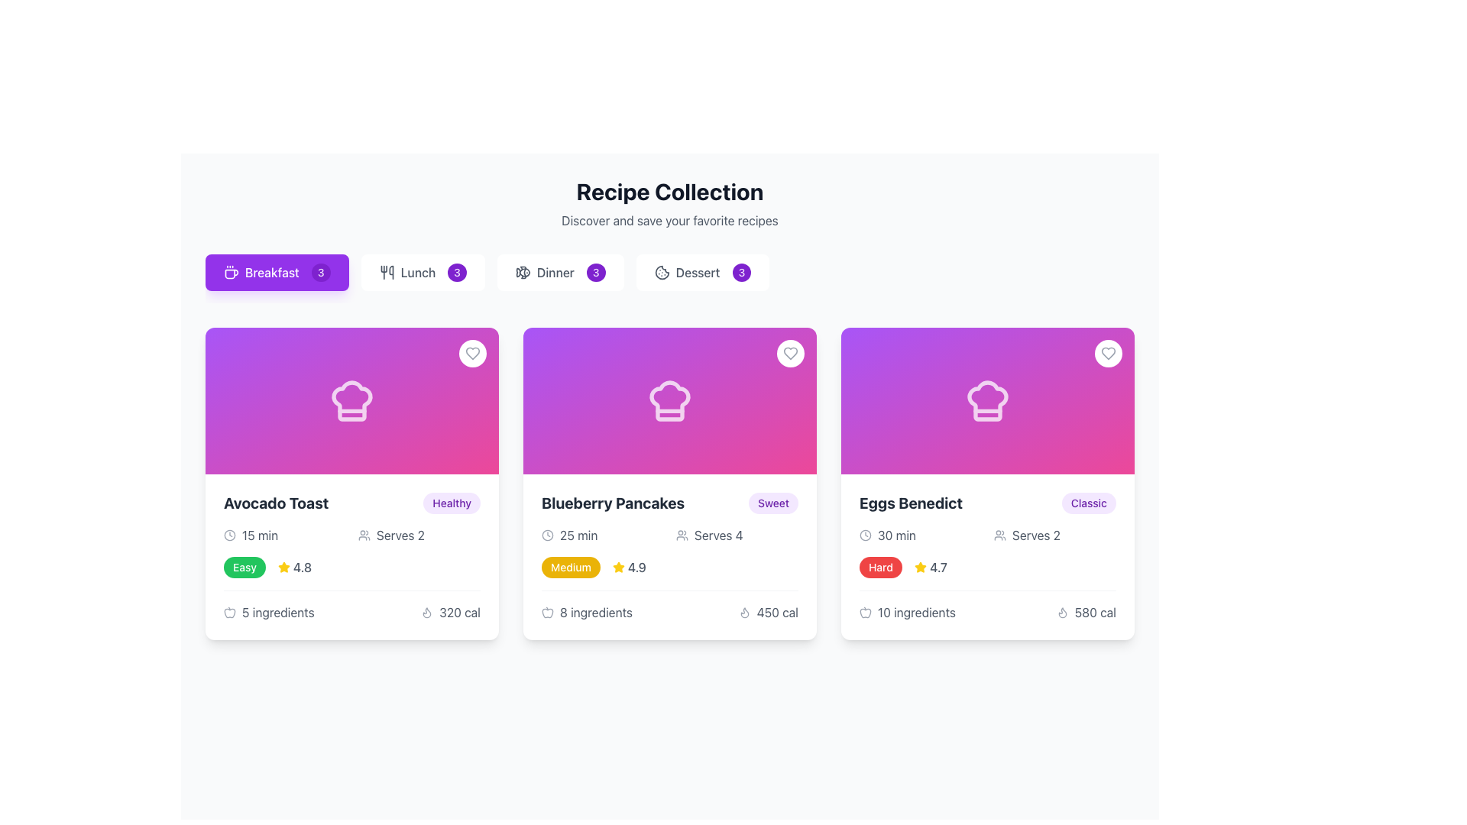 This screenshot has width=1467, height=825. What do you see at coordinates (880, 568) in the screenshot?
I see `the styling of the difficulty level label located in the details section of the 'Eggs Benedict' recipe card, which is the leftmost element adjacent to the rating '4.7' and a star icon` at bounding box center [880, 568].